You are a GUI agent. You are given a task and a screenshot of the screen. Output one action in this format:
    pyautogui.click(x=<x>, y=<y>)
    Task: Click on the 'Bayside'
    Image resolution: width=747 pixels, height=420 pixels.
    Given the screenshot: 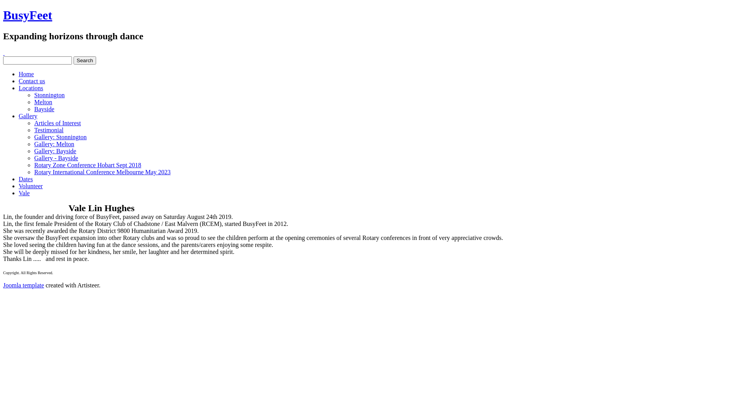 What is the action you would take?
    pyautogui.click(x=33, y=109)
    